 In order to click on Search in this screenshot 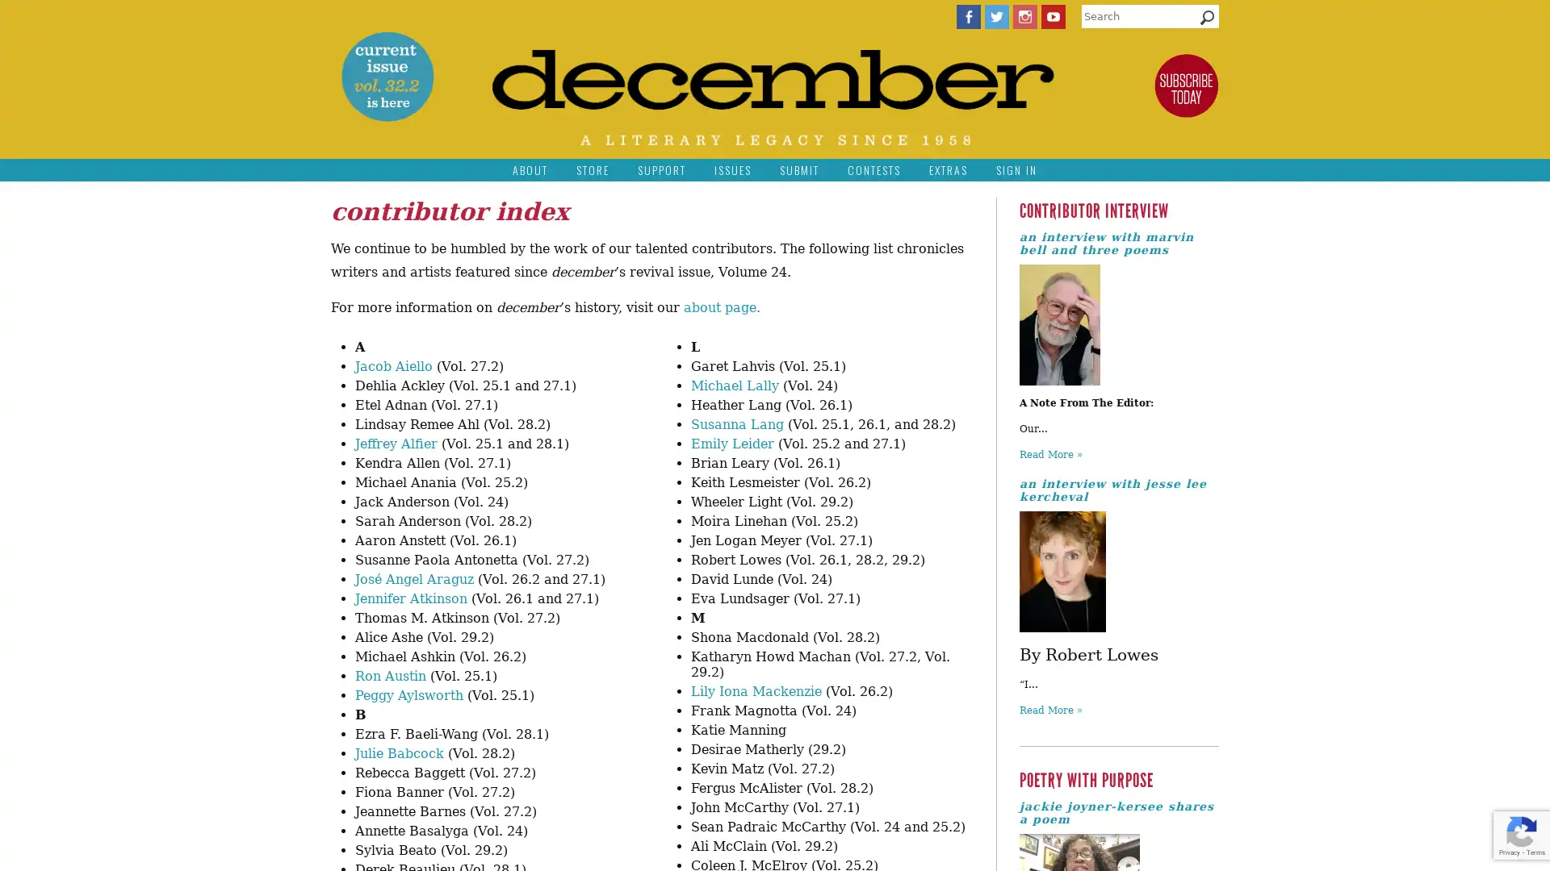, I will do `click(1207, 21)`.